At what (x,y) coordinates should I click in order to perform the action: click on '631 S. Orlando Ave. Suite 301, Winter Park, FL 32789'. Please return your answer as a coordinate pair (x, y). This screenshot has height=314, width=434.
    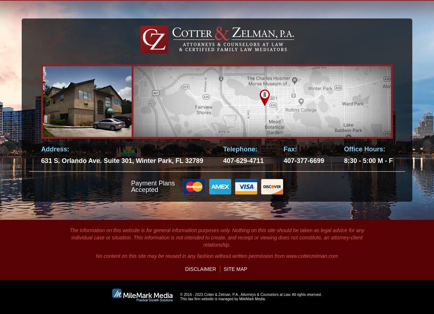
    Looking at the image, I should click on (41, 160).